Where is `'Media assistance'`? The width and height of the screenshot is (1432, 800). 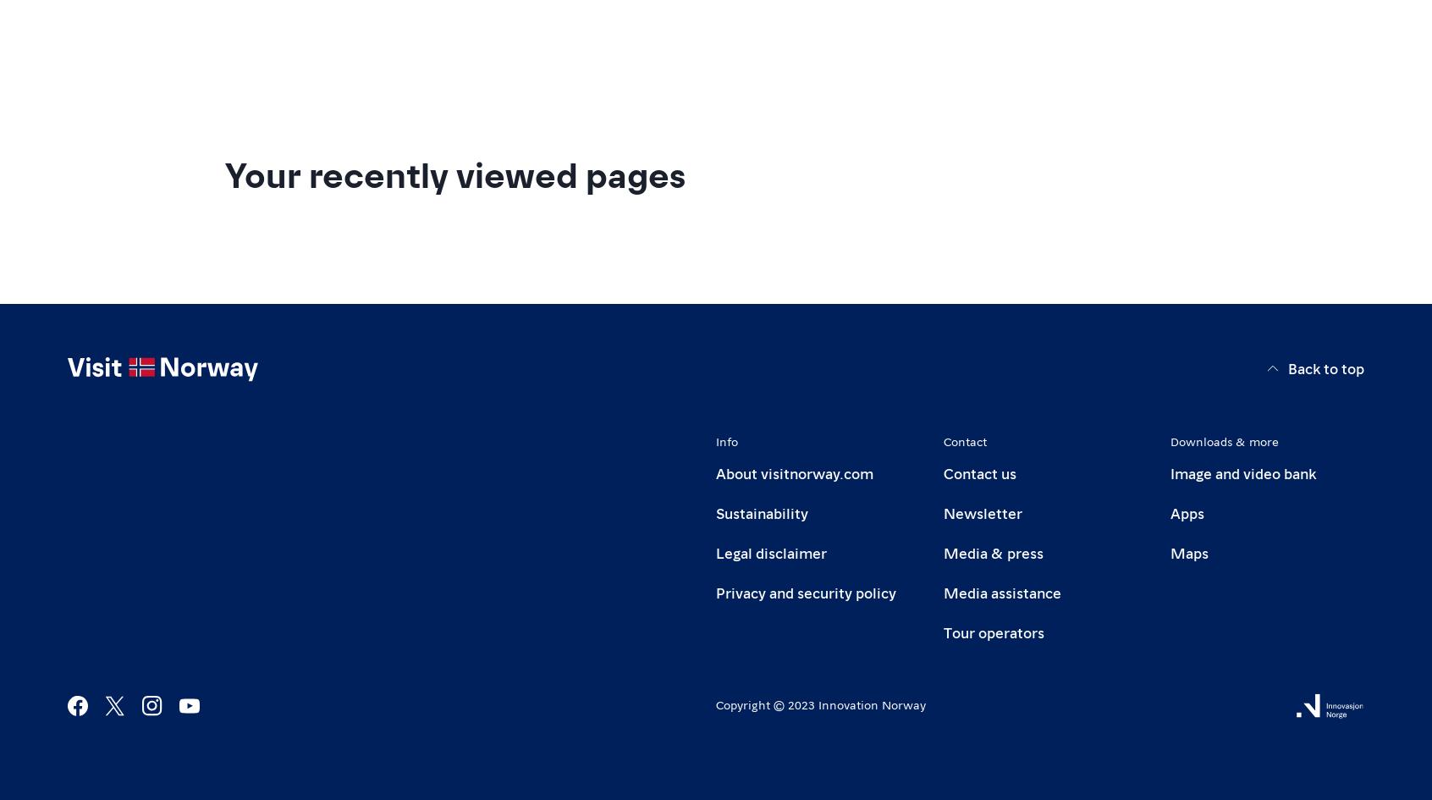 'Media assistance' is located at coordinates (943, 591).